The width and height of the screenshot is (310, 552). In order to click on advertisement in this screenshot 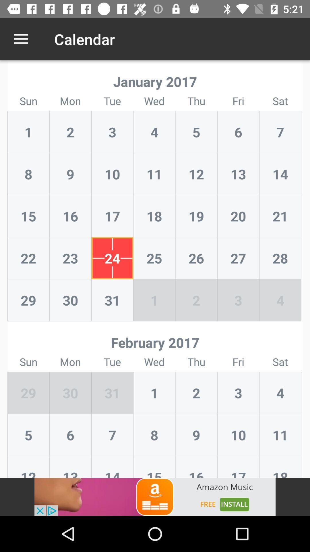, I will do `click(155, 497)`.